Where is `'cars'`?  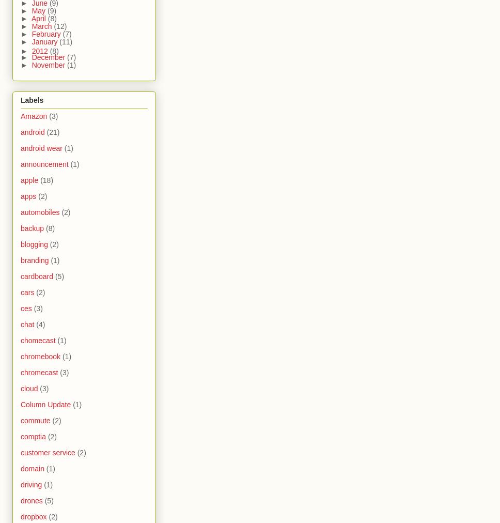
'cars' is located at coordinates (27, 292).